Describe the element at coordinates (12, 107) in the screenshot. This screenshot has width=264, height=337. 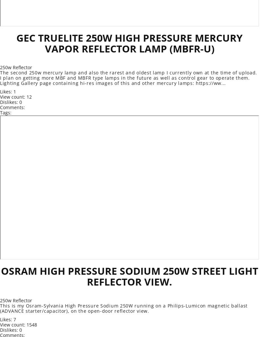
I see `'Comments:'` at that location.